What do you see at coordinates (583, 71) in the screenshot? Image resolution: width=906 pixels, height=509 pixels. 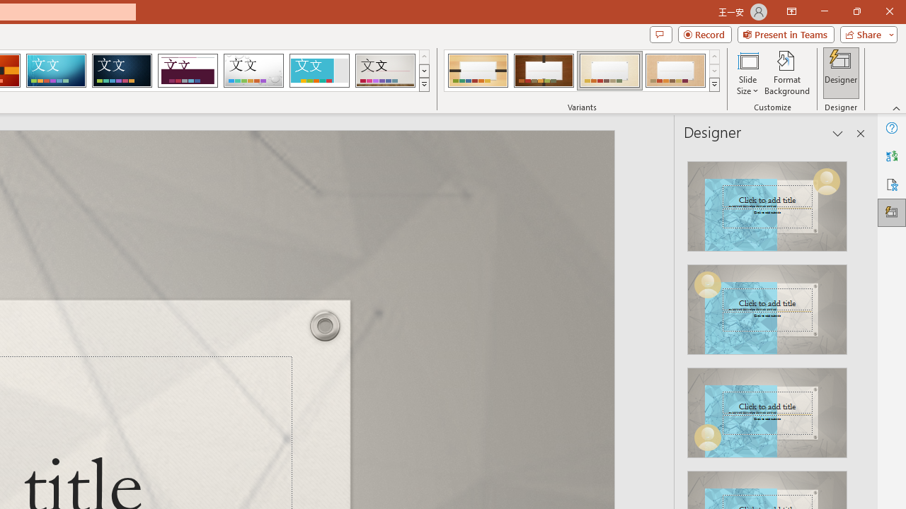 I see `'AutomationID: ThemeVariantsGallery'` at bounding box center [583, 71].